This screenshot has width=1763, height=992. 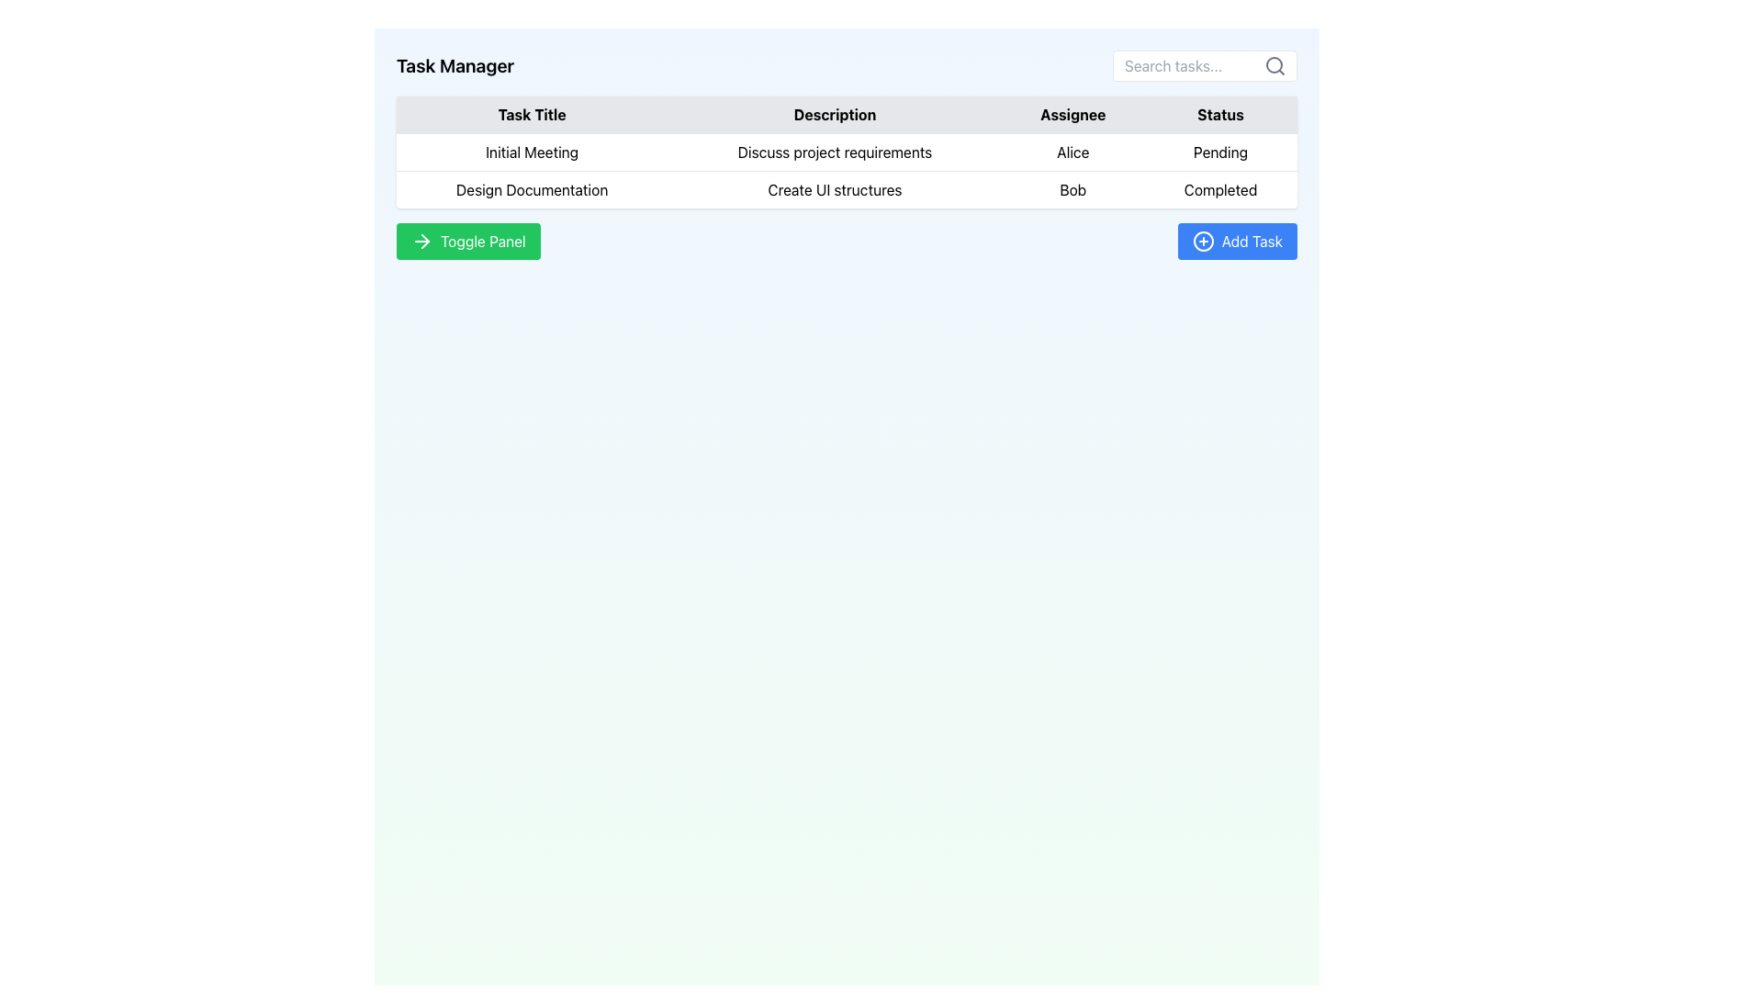 What do you see at coordinates (834, 115) in the screenshot?
I see `the text label that contains the word 'Description', styled with a light gray background and black bold text, positioned as the second column header in a table, between 'Task Title' and 'Assignee'` at bounding box center [834, 115].